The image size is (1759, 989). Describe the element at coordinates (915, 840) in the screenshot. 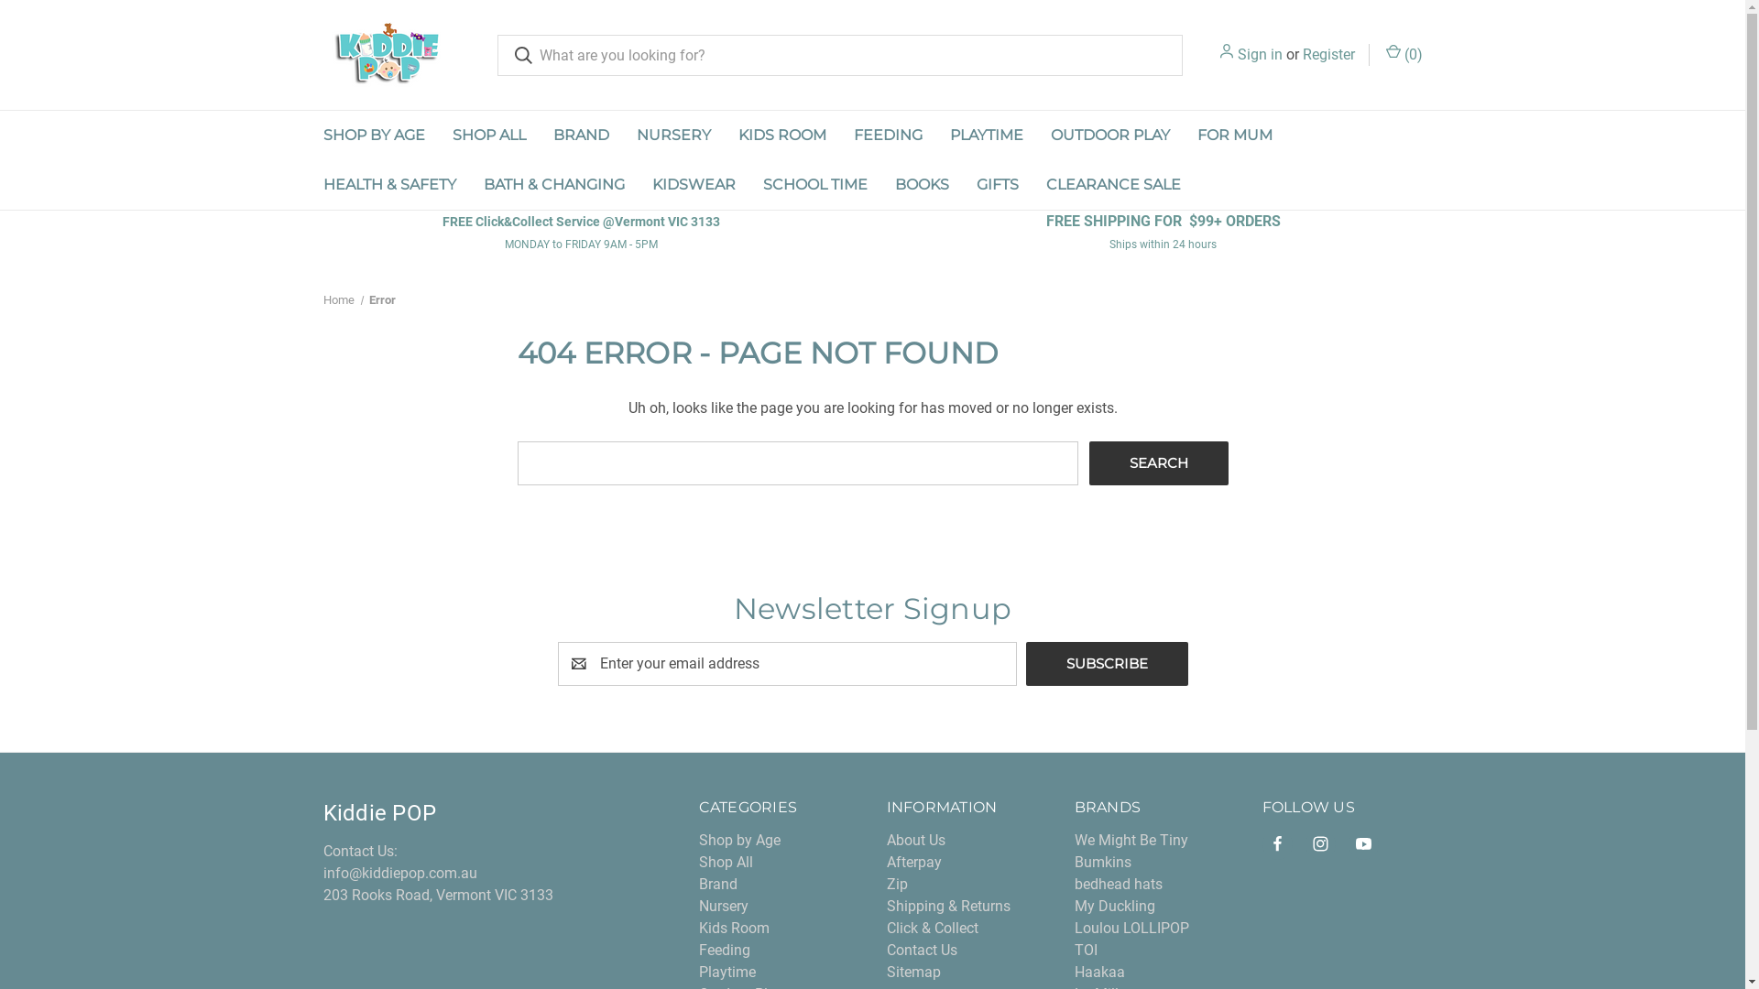

I see `'About Us'` at that location.